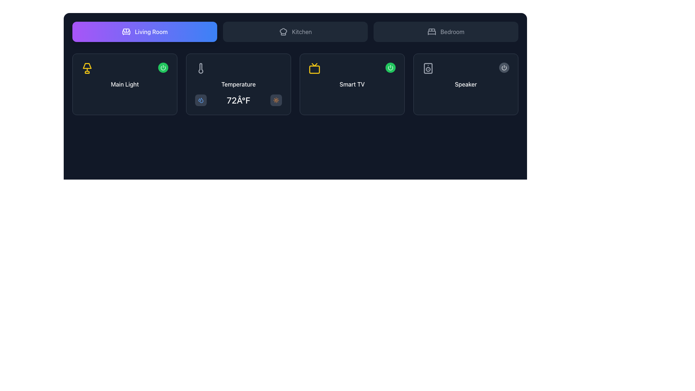  Describe the element at coordinates (276, 100) in the screenshot. I see `the sun-like icon, which is a minimalistic orange icon with rays` at that location.